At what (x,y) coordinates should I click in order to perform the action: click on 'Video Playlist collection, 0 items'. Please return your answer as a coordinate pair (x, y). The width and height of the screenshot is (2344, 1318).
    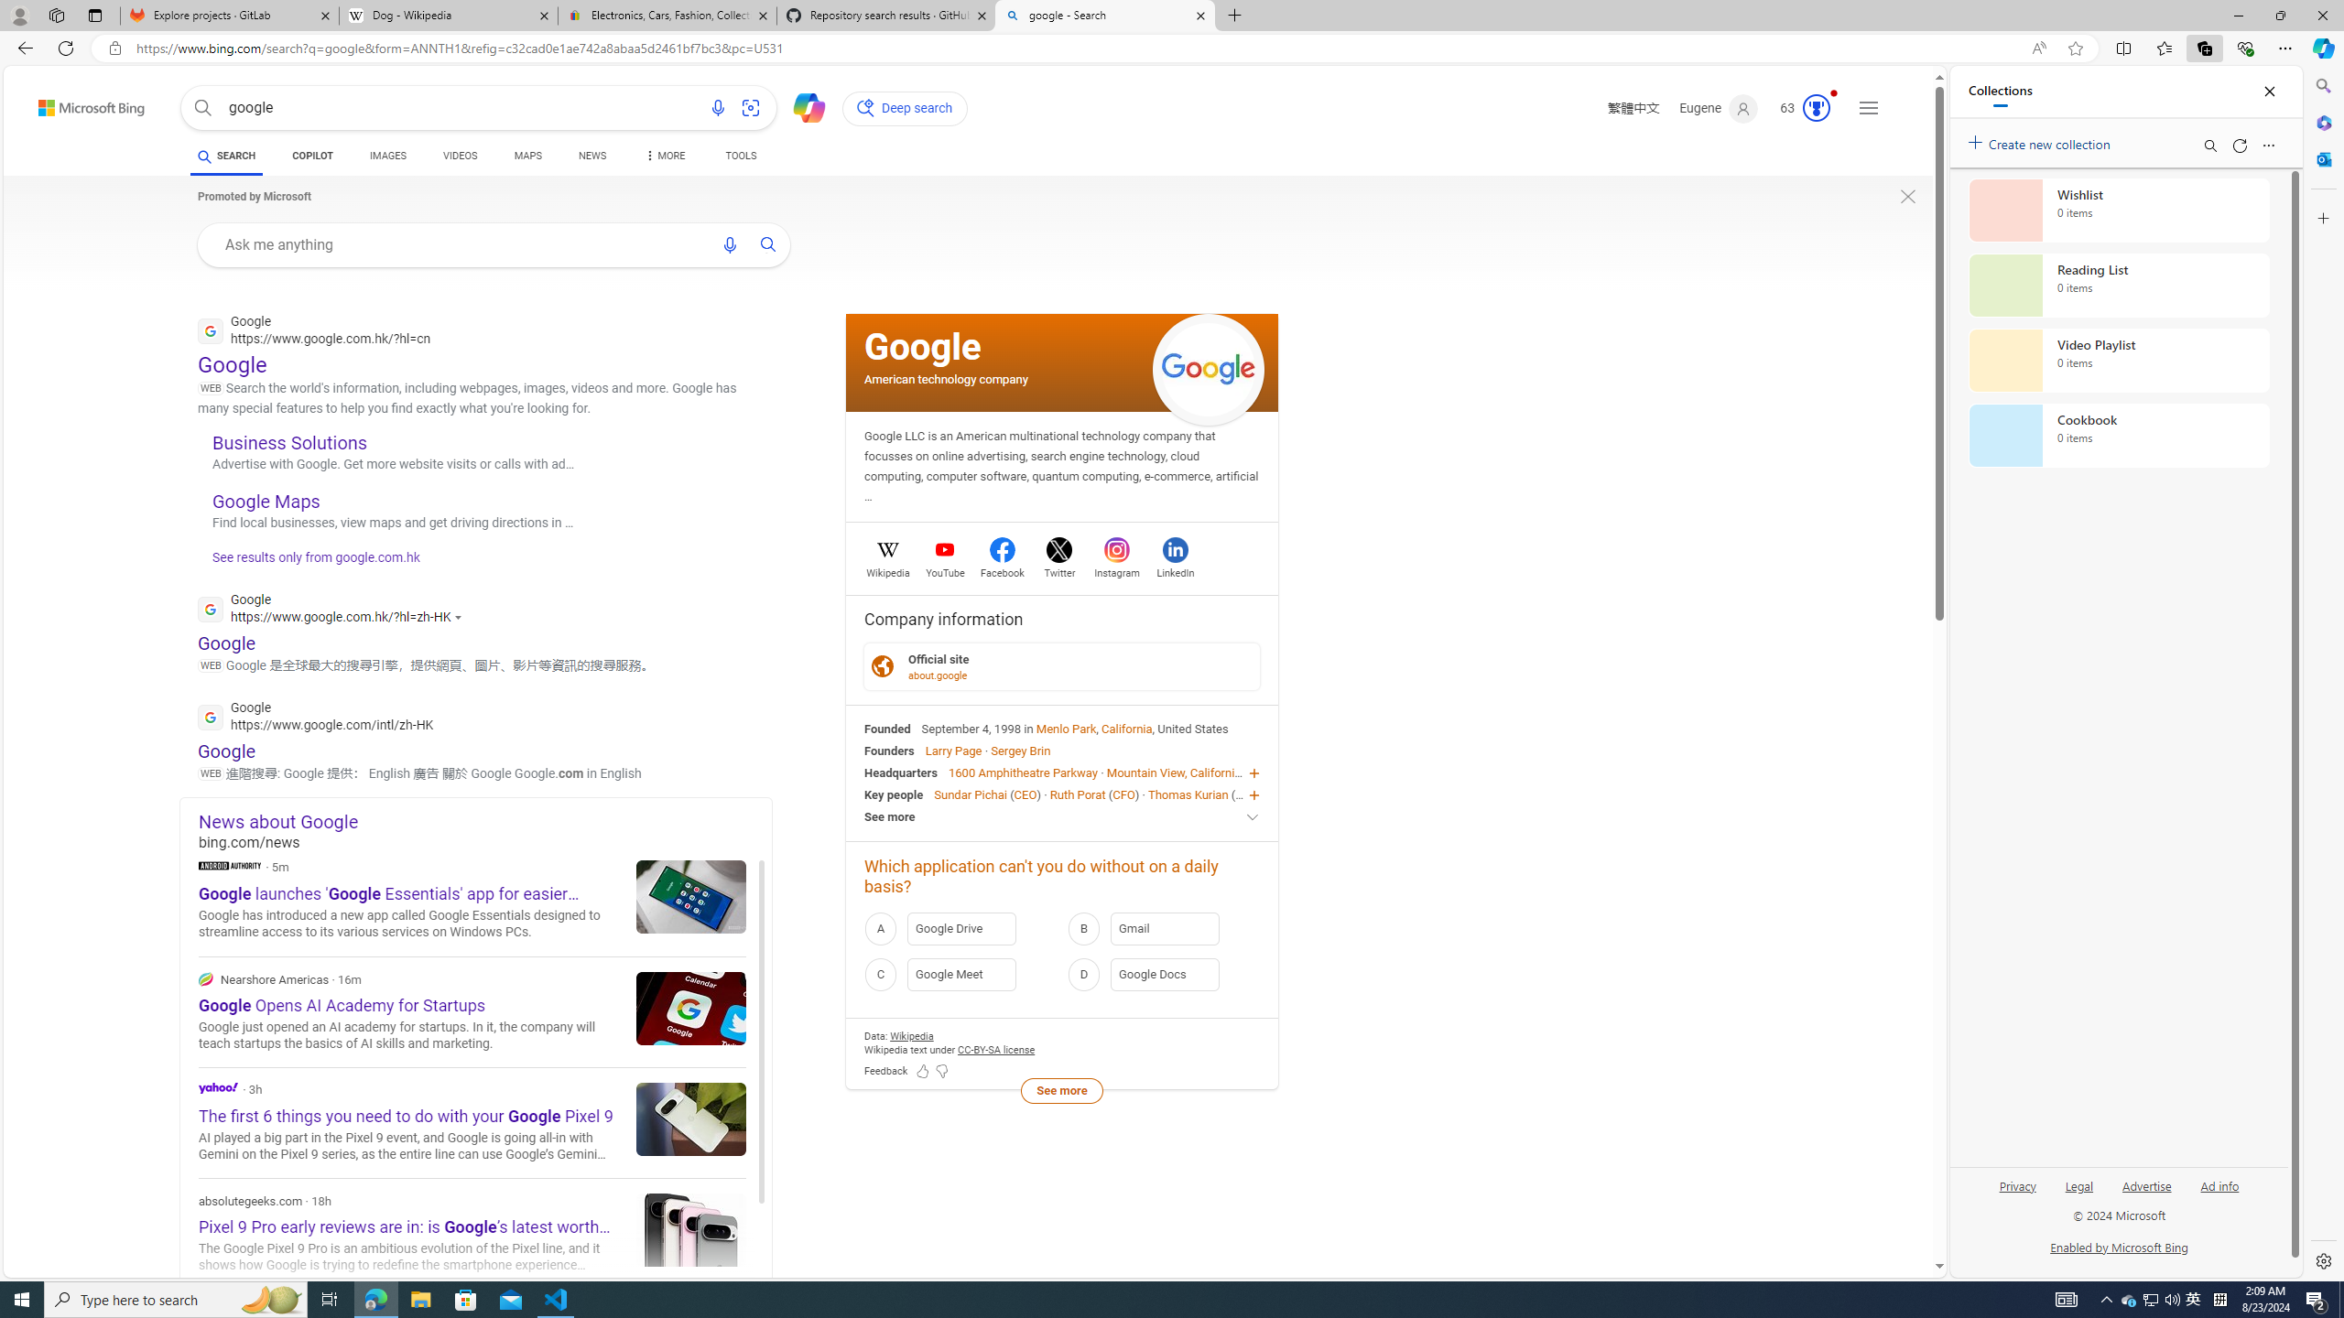
    Looking at the image, I should click on (2119, 359).